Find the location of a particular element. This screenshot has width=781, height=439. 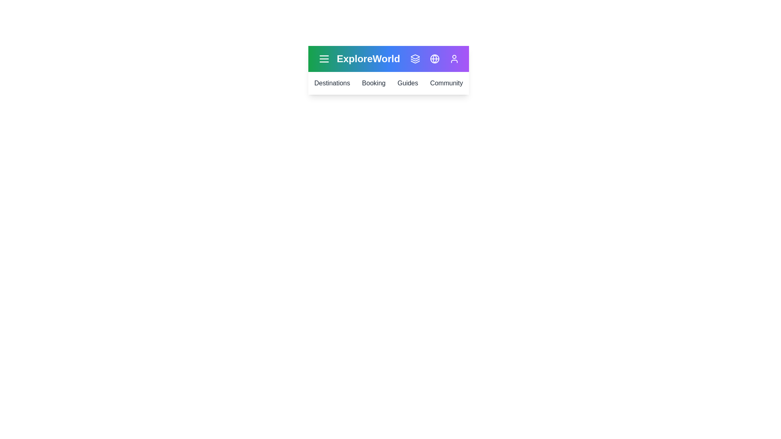

the Globe icon in the top right corner of the TravelAppBar is located at coordinates (434, 59).